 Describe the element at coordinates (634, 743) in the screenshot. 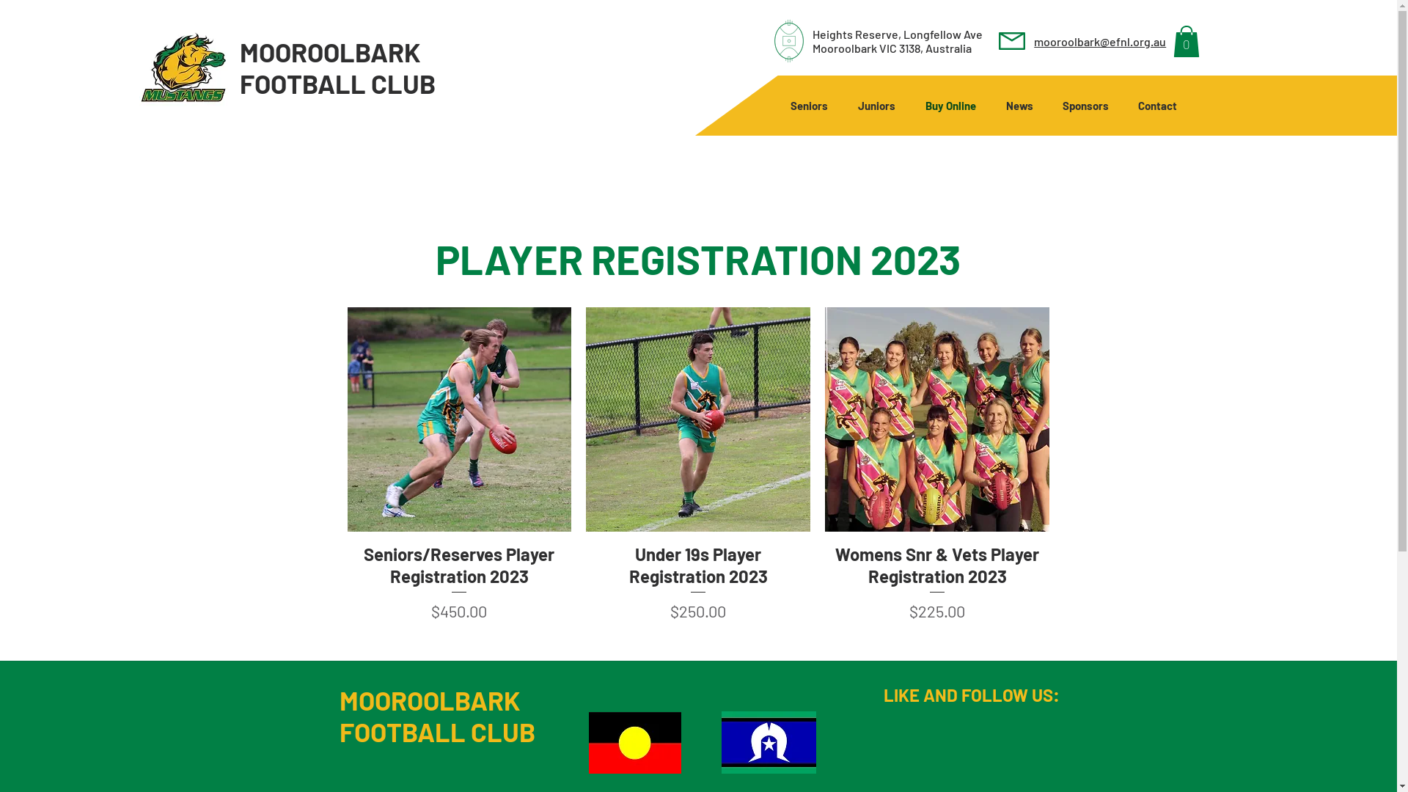

I see `'aboriginal-flag-27713.jpg'` at that location.